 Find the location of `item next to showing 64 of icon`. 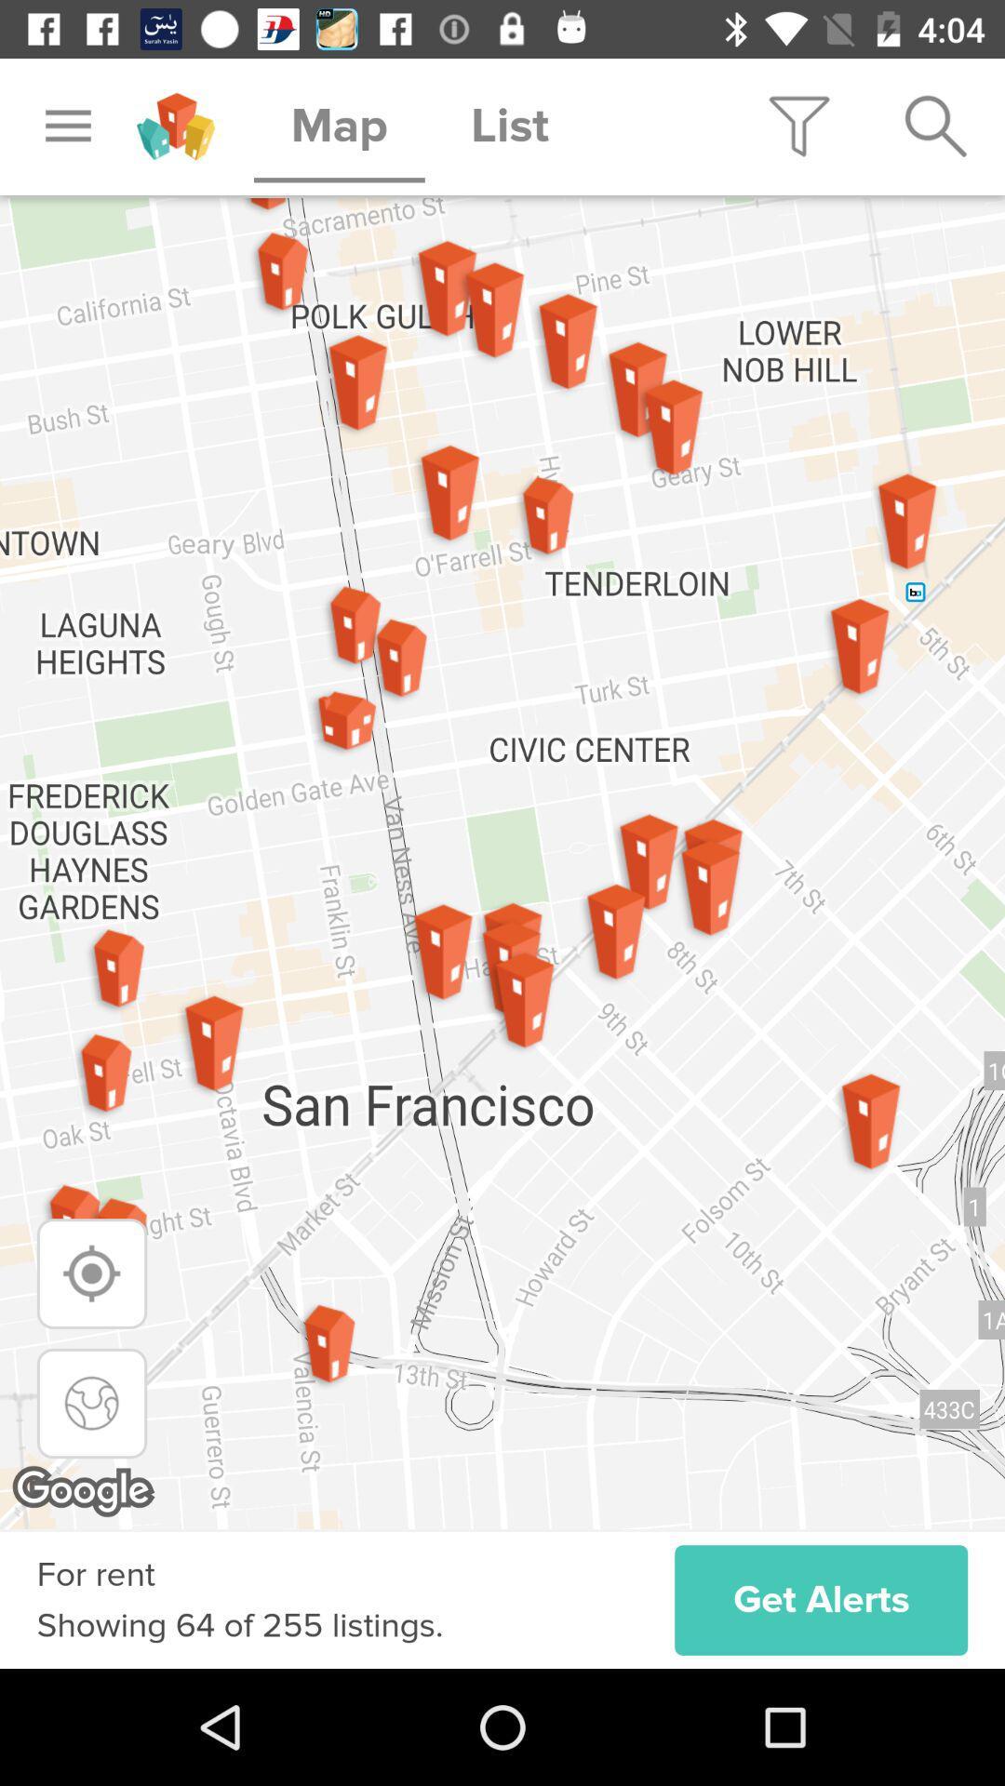

item next to showing 64 of icon is located at coordinates (820, 1599).